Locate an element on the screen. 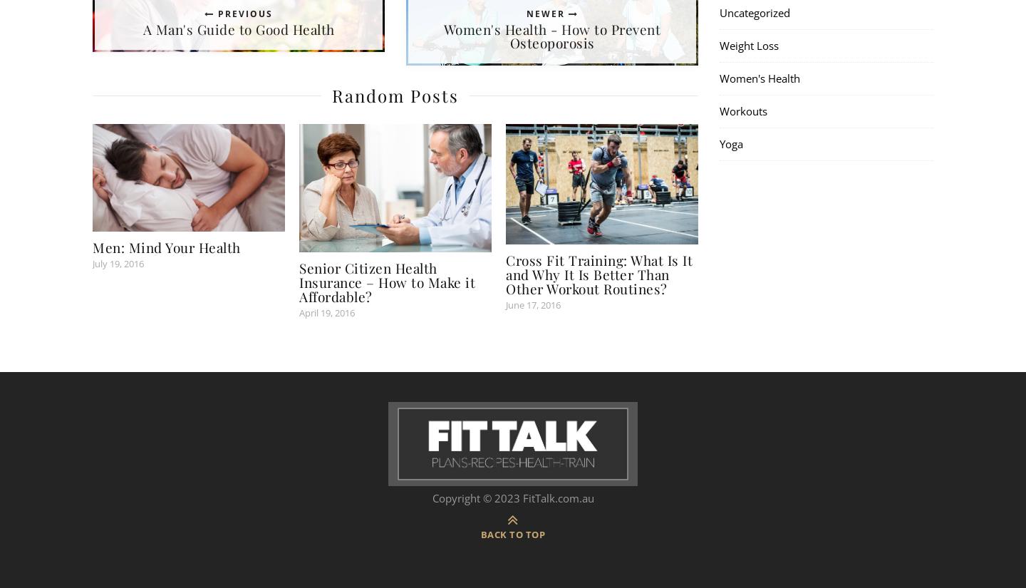  'June 17, 2016' is located at coordinates (532, 304).